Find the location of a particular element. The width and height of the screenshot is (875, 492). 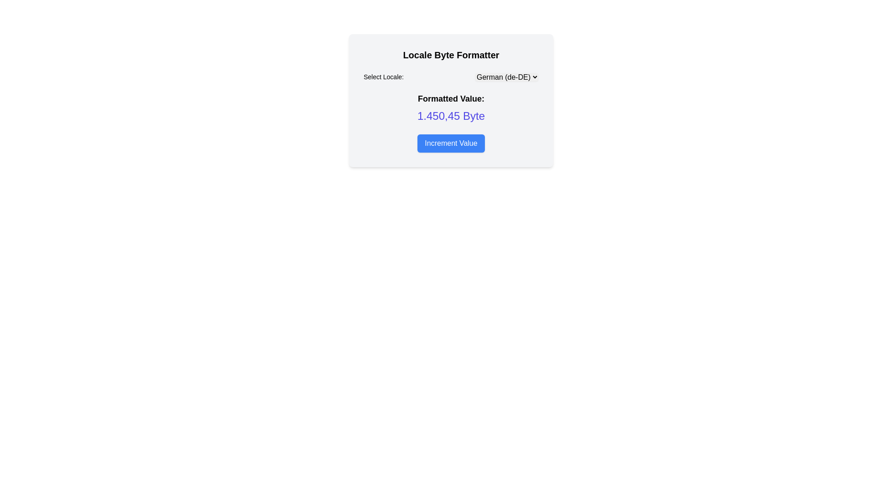

the 'Increment Value' button with a blue background for accessibility navigation is located at coordinates (451, 143).